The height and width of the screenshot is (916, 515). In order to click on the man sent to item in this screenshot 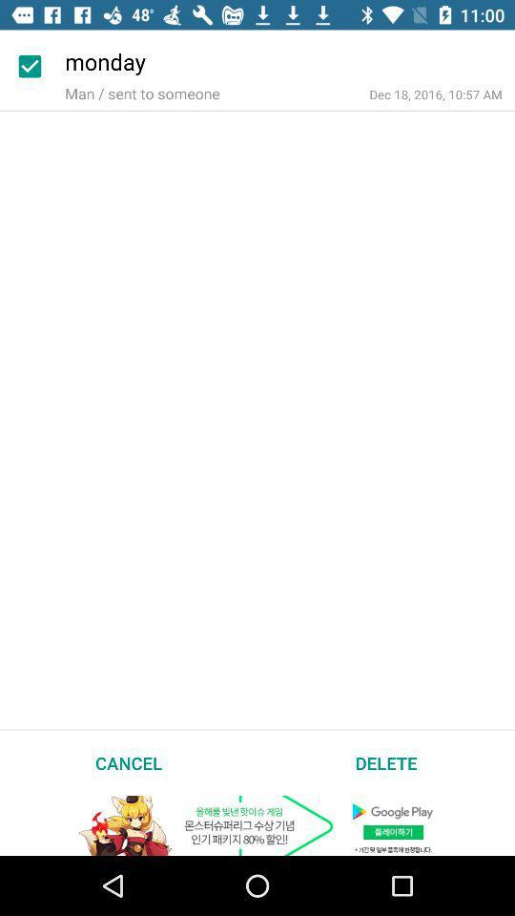, I will do `click(141, 94)`.